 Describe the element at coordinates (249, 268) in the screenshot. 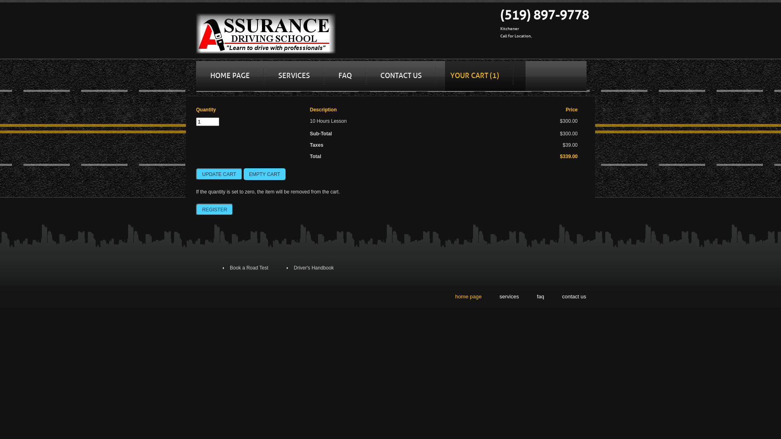

I see `'Book a Road Test'` at that location.